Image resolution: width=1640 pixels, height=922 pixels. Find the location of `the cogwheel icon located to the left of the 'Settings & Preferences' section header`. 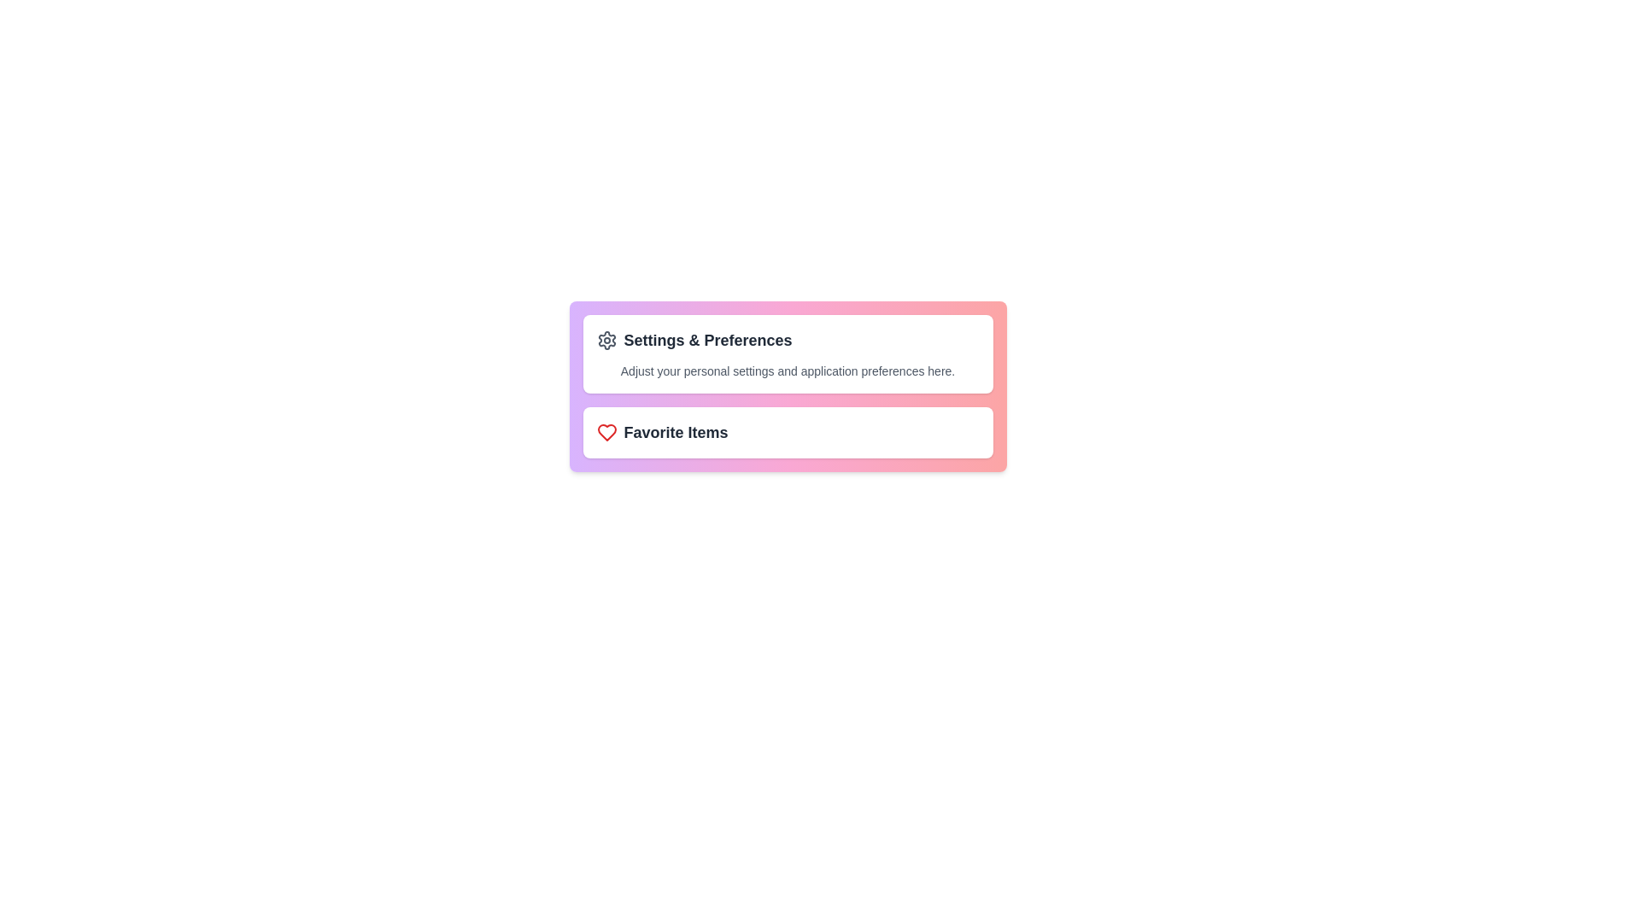

the cogwheel icon located to the left of the 'Settings & Preferences' section header is located at coordinates (606, 340).